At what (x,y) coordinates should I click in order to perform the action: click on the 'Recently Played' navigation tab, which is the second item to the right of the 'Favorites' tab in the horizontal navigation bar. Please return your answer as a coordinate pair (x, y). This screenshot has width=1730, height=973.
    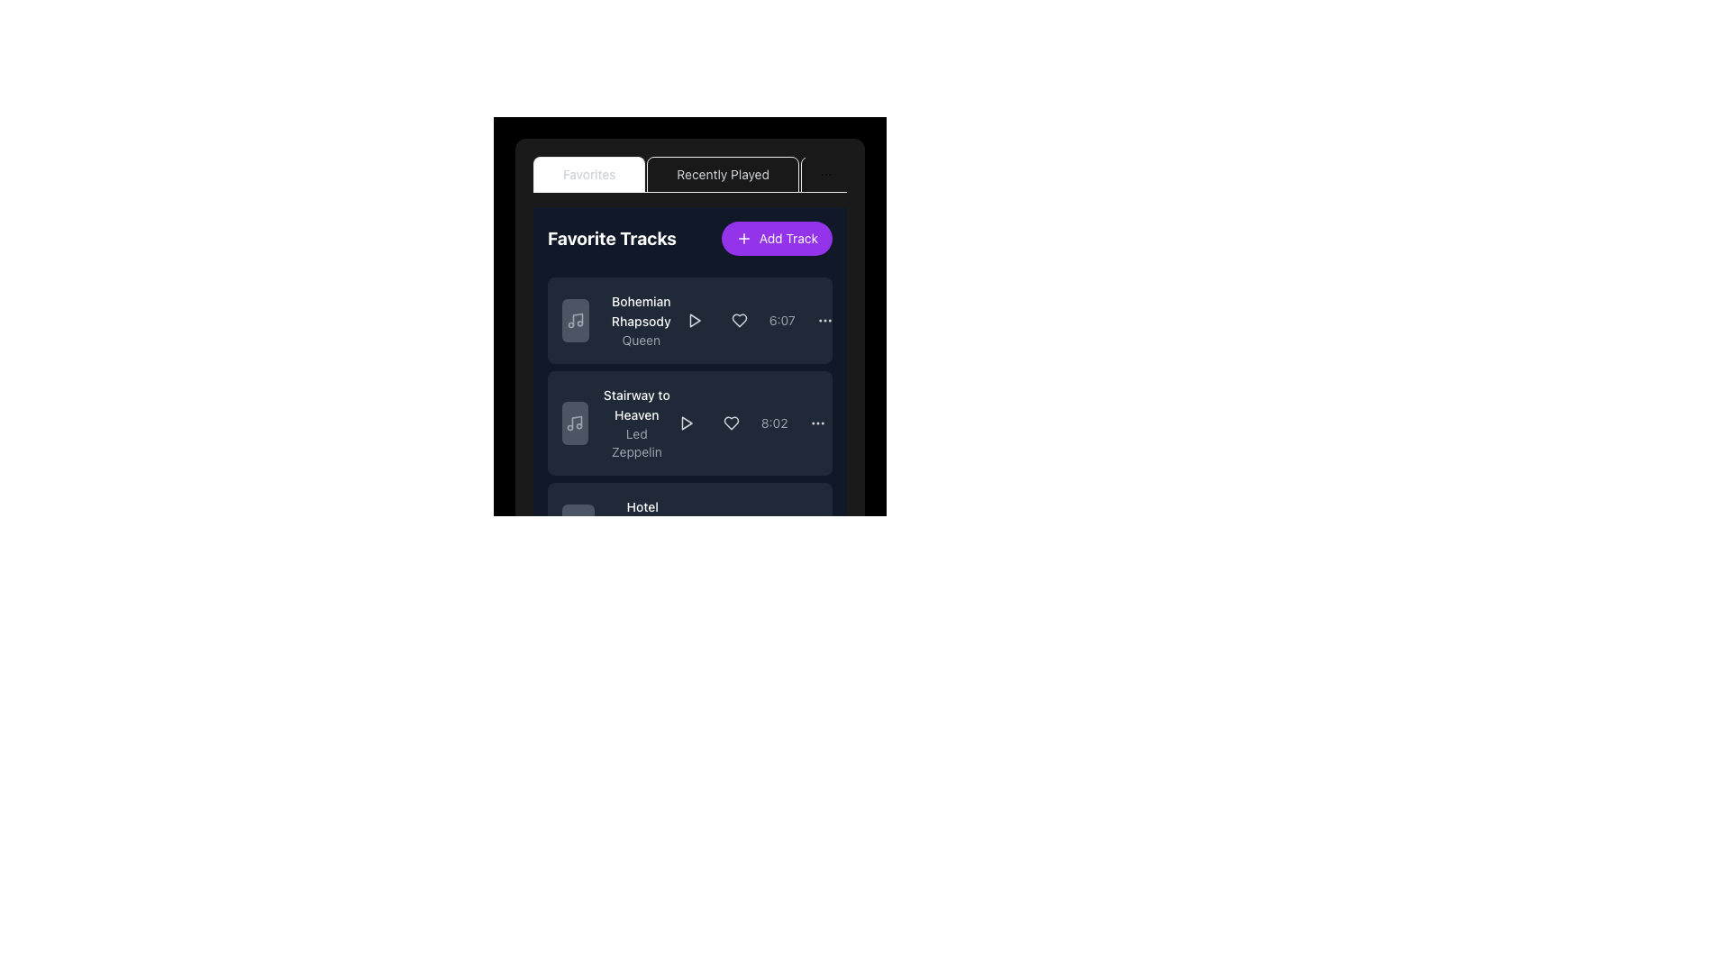
    Looking at the image, I should click on (669, 174).